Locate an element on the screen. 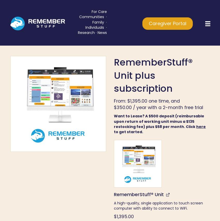  'Family' is located at coordinates (98, 22).